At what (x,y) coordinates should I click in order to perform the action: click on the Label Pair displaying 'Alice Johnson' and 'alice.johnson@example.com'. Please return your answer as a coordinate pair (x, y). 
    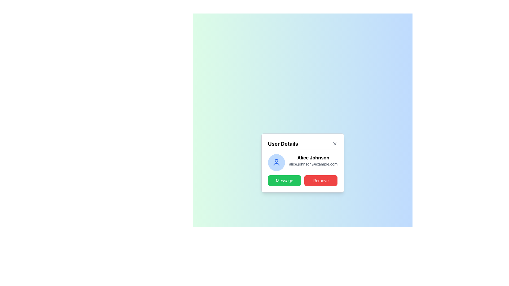
    Looking at the image, I should click on (313, 162).